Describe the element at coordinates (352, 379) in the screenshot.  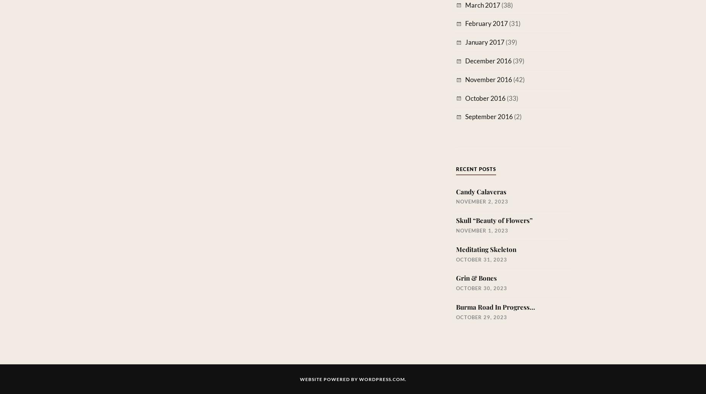
I see `'Website Powered by WordPress.com'` at that location.